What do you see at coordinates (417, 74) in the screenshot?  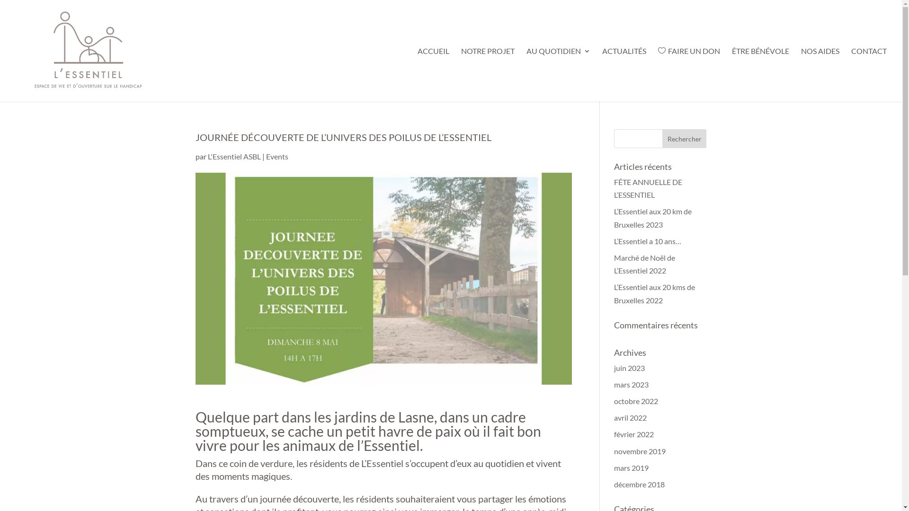 I see `'ACCUEIL'` at bounding box center [417, 74].